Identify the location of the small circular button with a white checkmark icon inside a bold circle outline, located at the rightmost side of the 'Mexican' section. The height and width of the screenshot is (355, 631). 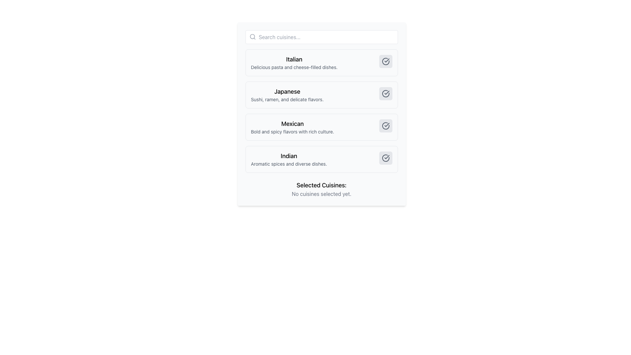
(386, 126).